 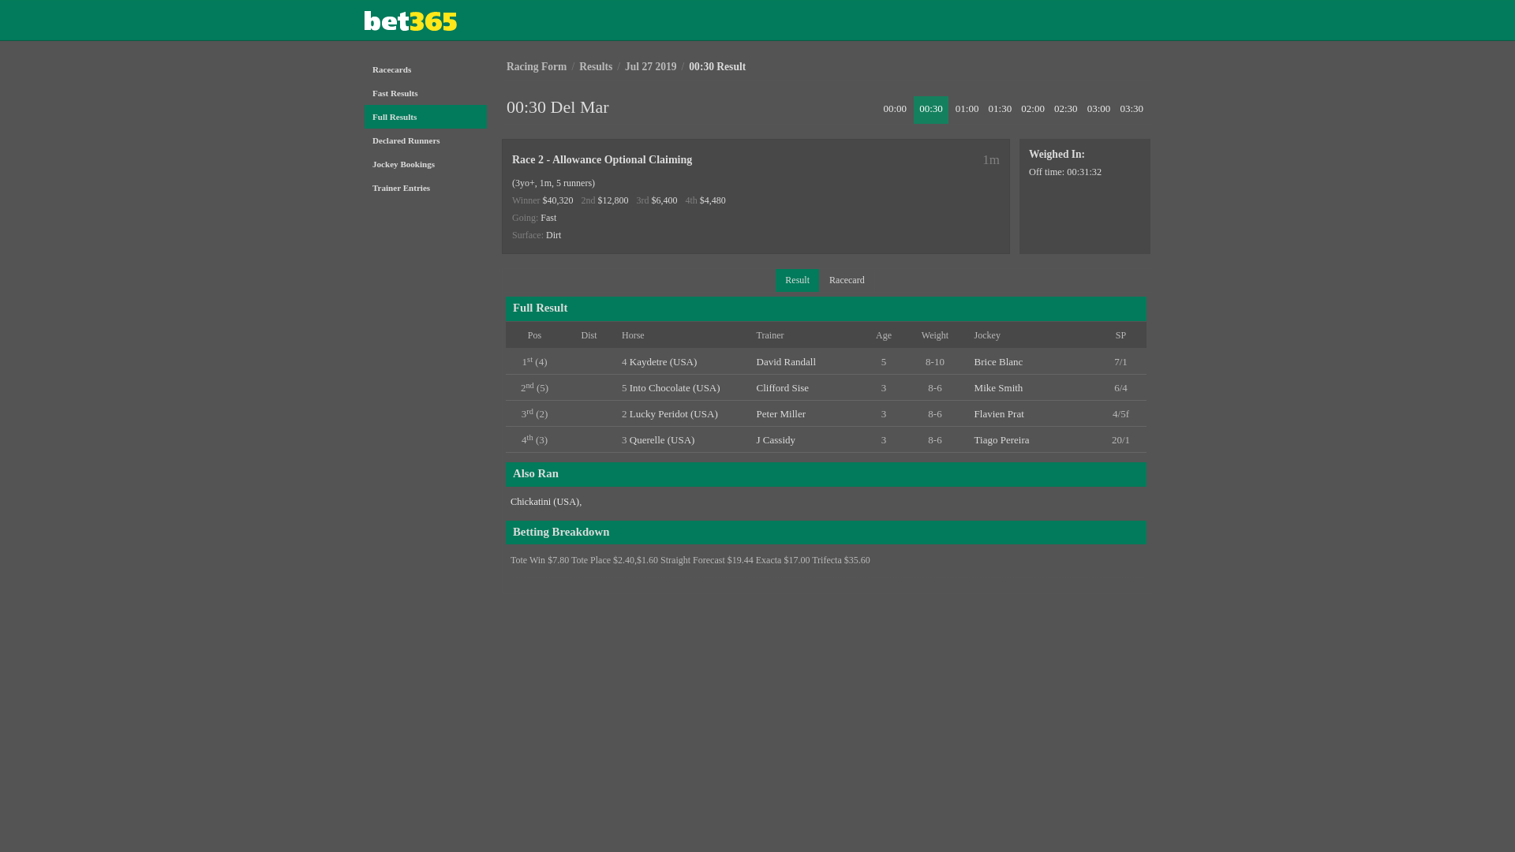 What do you see at coordinates (663, 361) in the screenshot?
I see `'Kaydetre (USA)'` at bounding box center [663, 361].